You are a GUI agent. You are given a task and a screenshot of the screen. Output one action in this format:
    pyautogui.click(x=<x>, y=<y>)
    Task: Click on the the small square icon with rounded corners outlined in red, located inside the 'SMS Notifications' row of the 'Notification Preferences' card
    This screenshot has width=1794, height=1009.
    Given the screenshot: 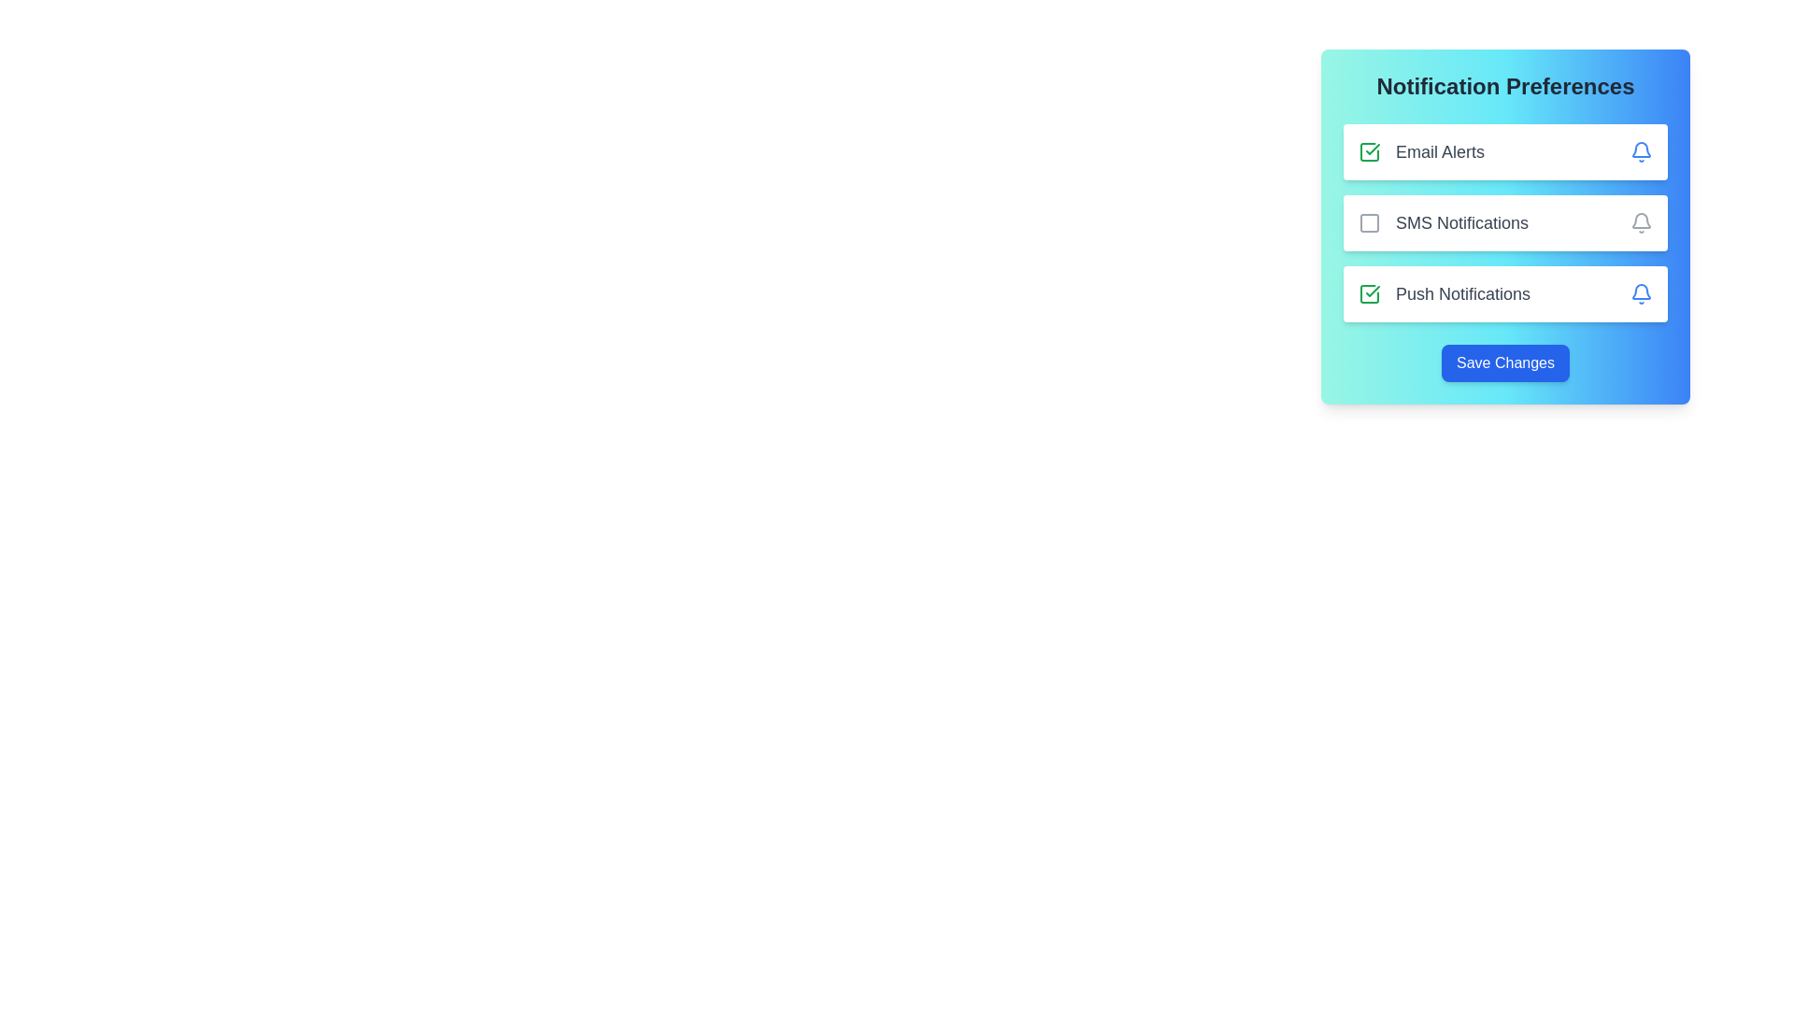 What is the action you would take?
    pyautogui.click(x=1369, y=222)
    